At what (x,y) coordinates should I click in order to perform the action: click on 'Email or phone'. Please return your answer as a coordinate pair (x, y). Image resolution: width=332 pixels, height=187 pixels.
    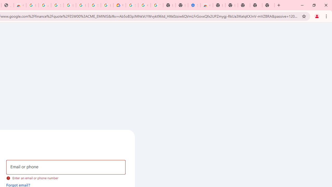
    Looking at the image, I should click on (66, 167).